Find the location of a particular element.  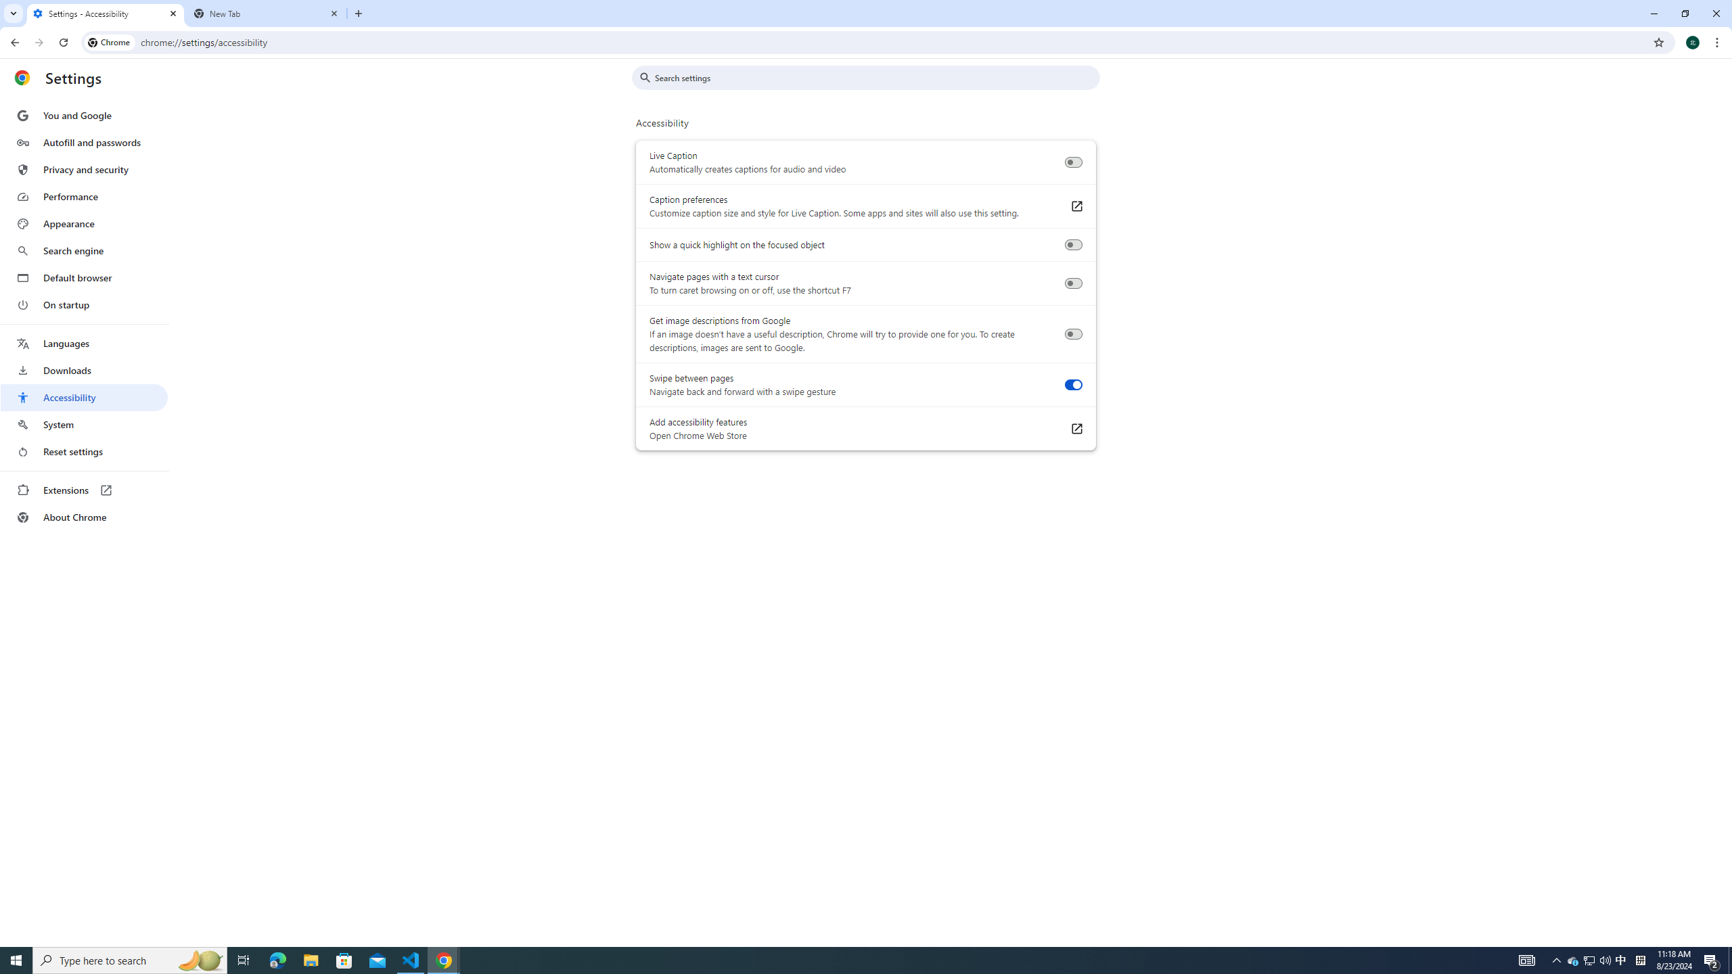

'On startup' is located at coordinates (83, 304).